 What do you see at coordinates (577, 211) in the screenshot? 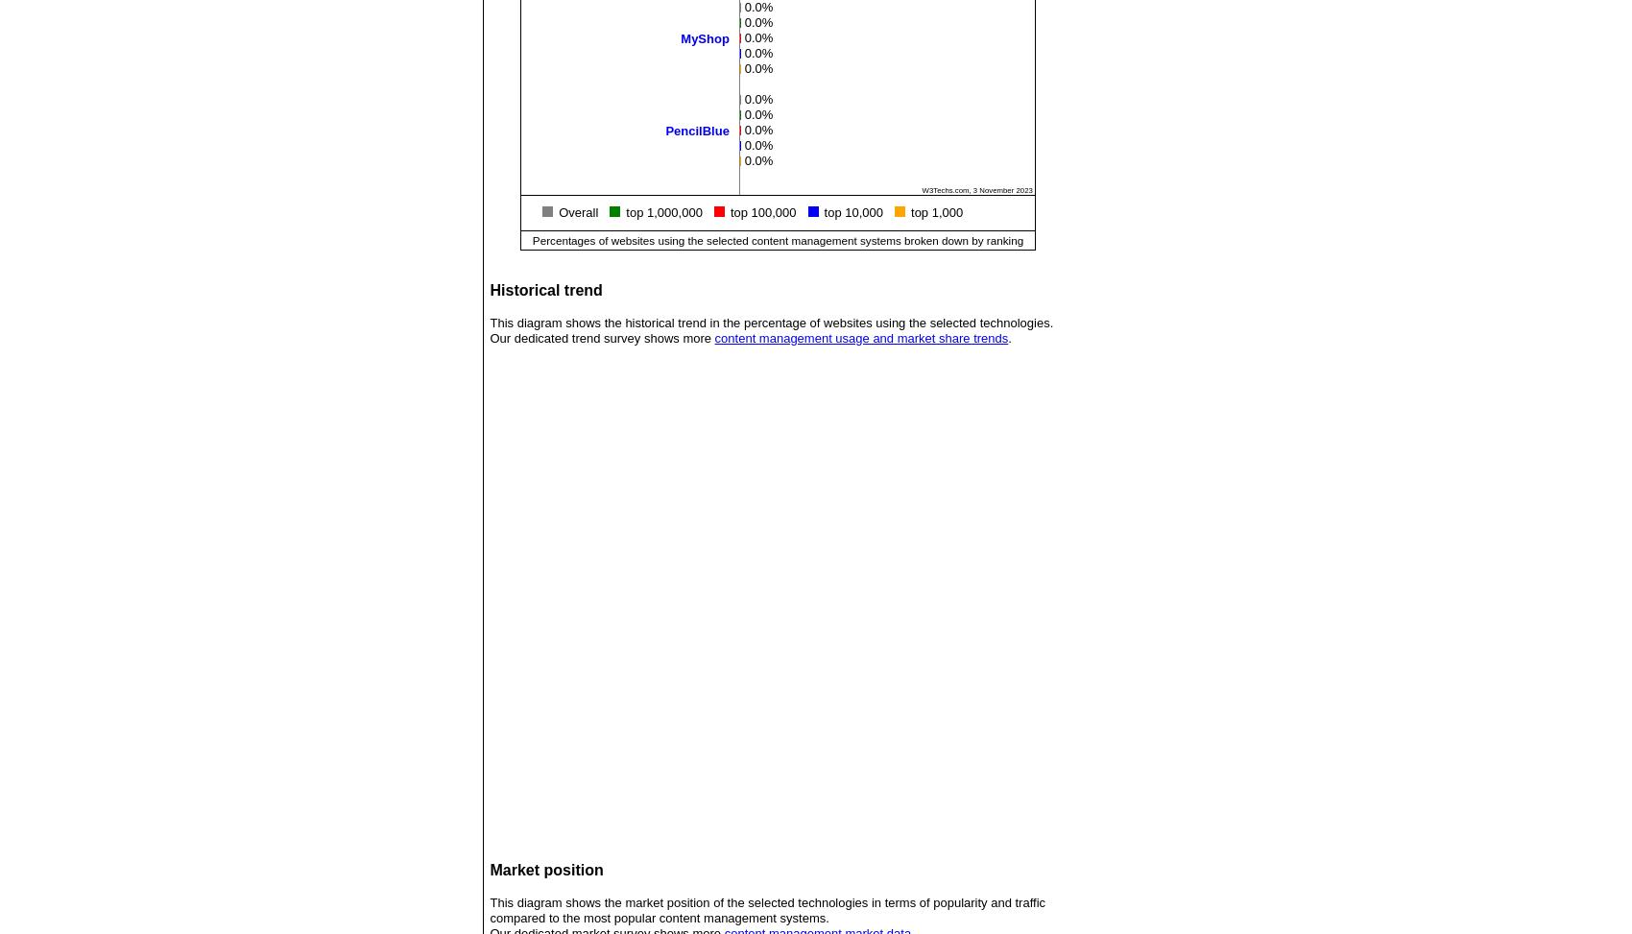
I see `'Overall'` at bounding box center [577, 211].